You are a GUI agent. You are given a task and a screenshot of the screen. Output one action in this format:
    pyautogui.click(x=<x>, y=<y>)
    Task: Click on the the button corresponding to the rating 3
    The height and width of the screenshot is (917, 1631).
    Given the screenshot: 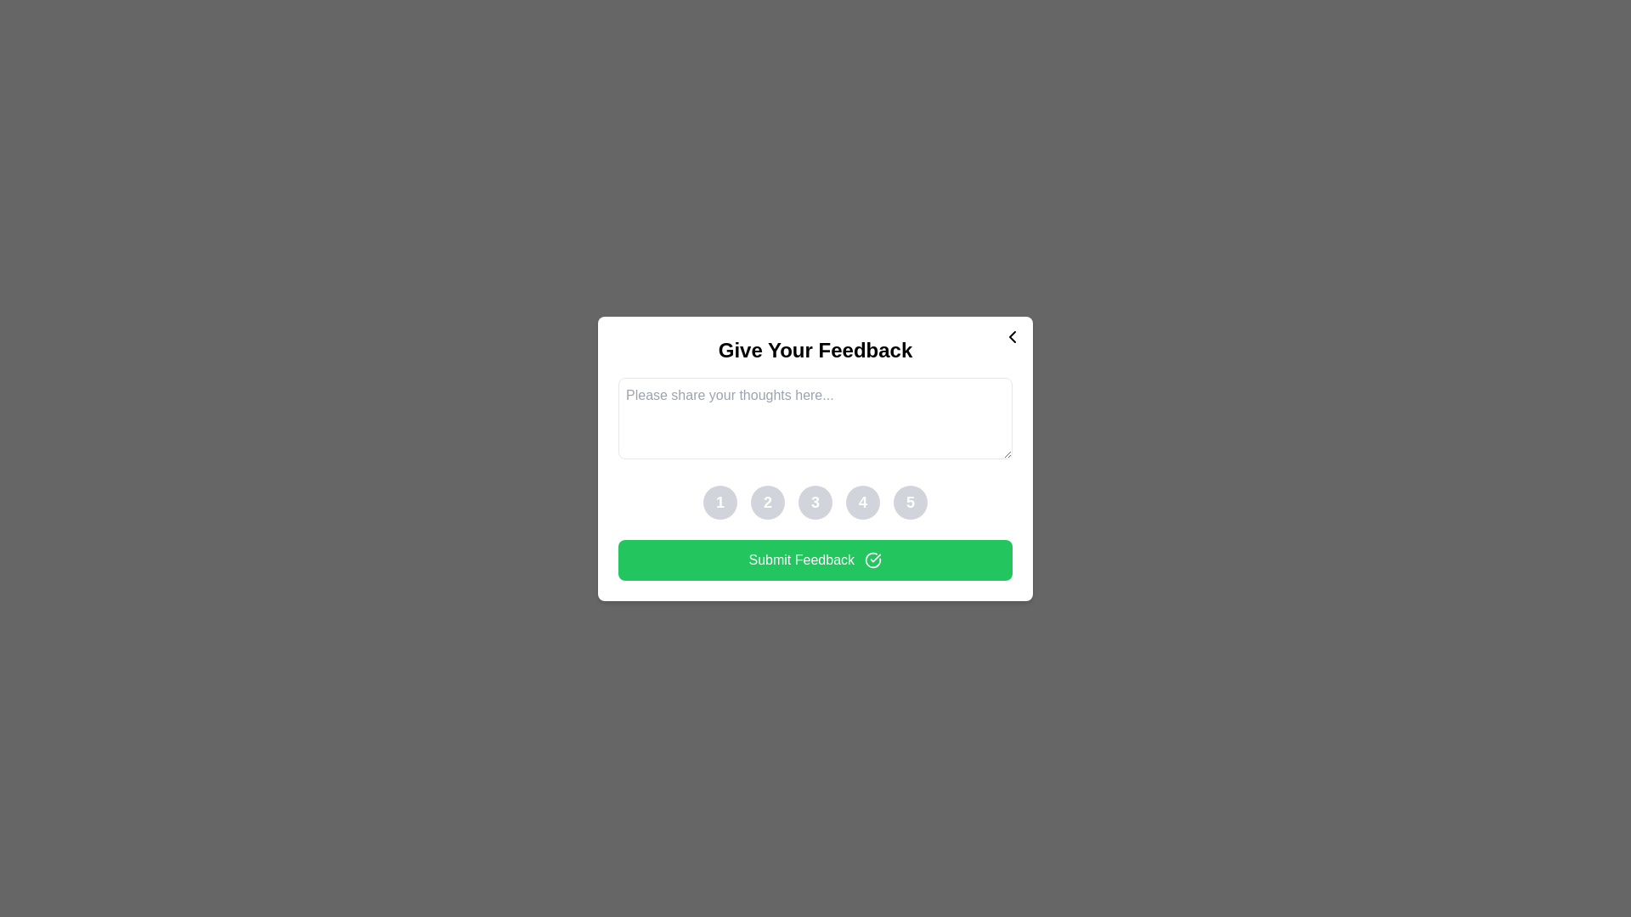 What is the action you would take?
    pyautogui.click(x=815, y=501)
    